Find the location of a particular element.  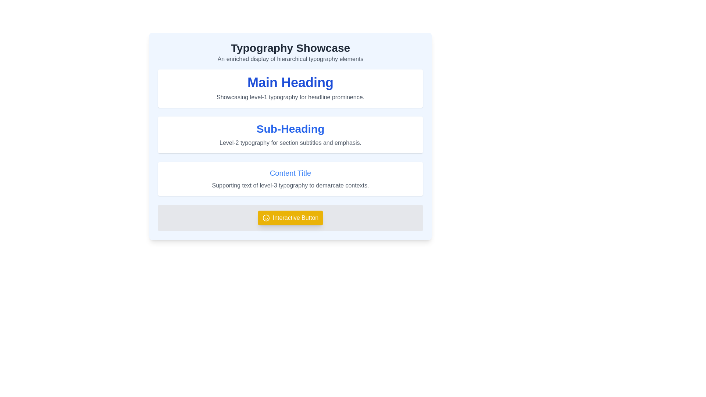

the circular graphical element in the SVG icon located at the bottom section of the interface, associated with the yellow 'Interactive Button' is located at coordinates (265, 218).